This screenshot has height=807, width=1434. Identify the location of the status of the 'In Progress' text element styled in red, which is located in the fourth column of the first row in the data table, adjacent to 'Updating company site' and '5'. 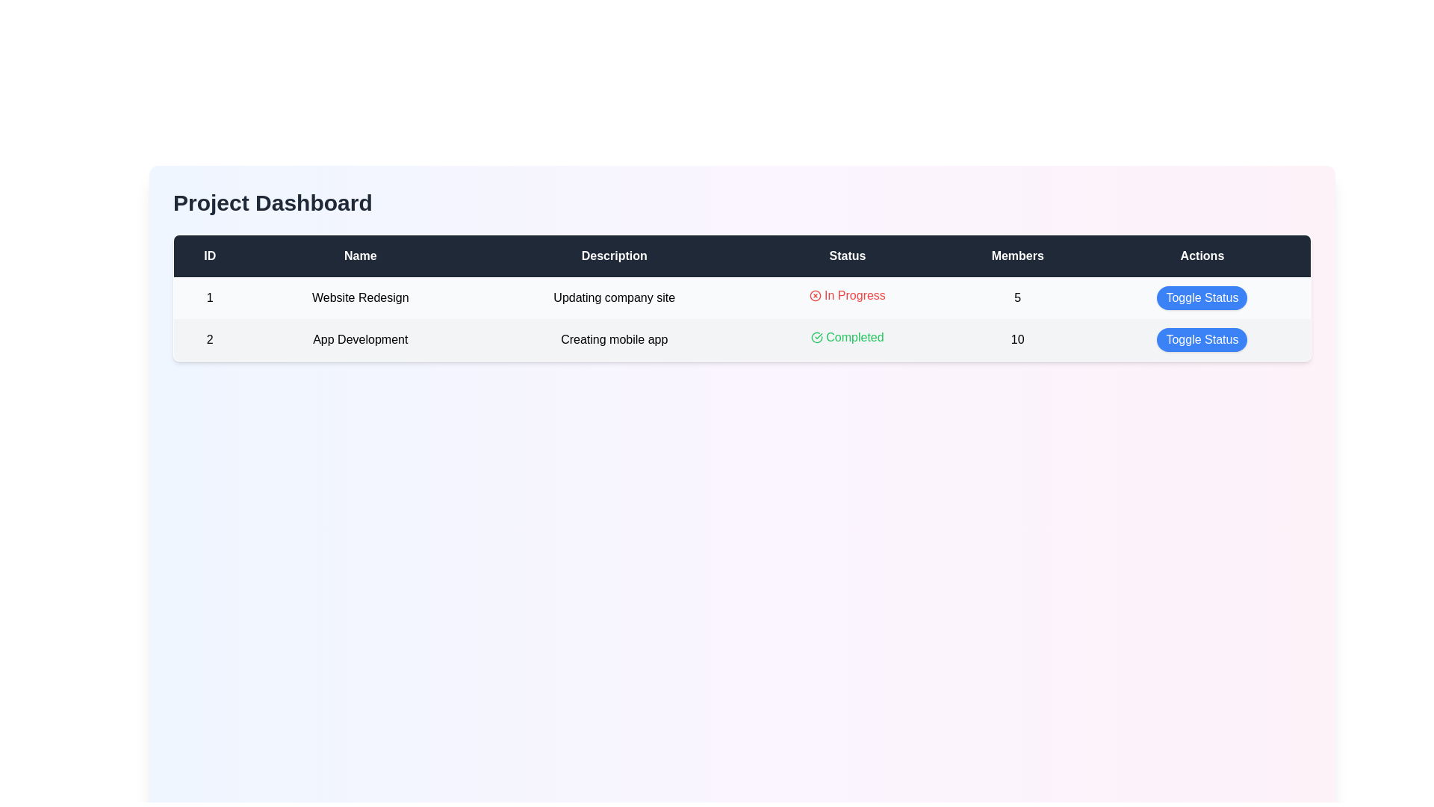
(847, 296).